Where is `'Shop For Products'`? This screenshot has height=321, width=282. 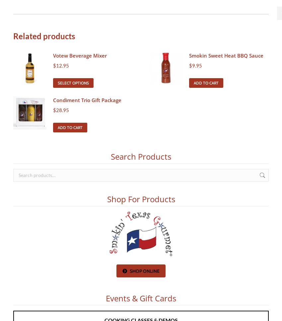 'Shop For Products' is located at coordinates (141, 198).